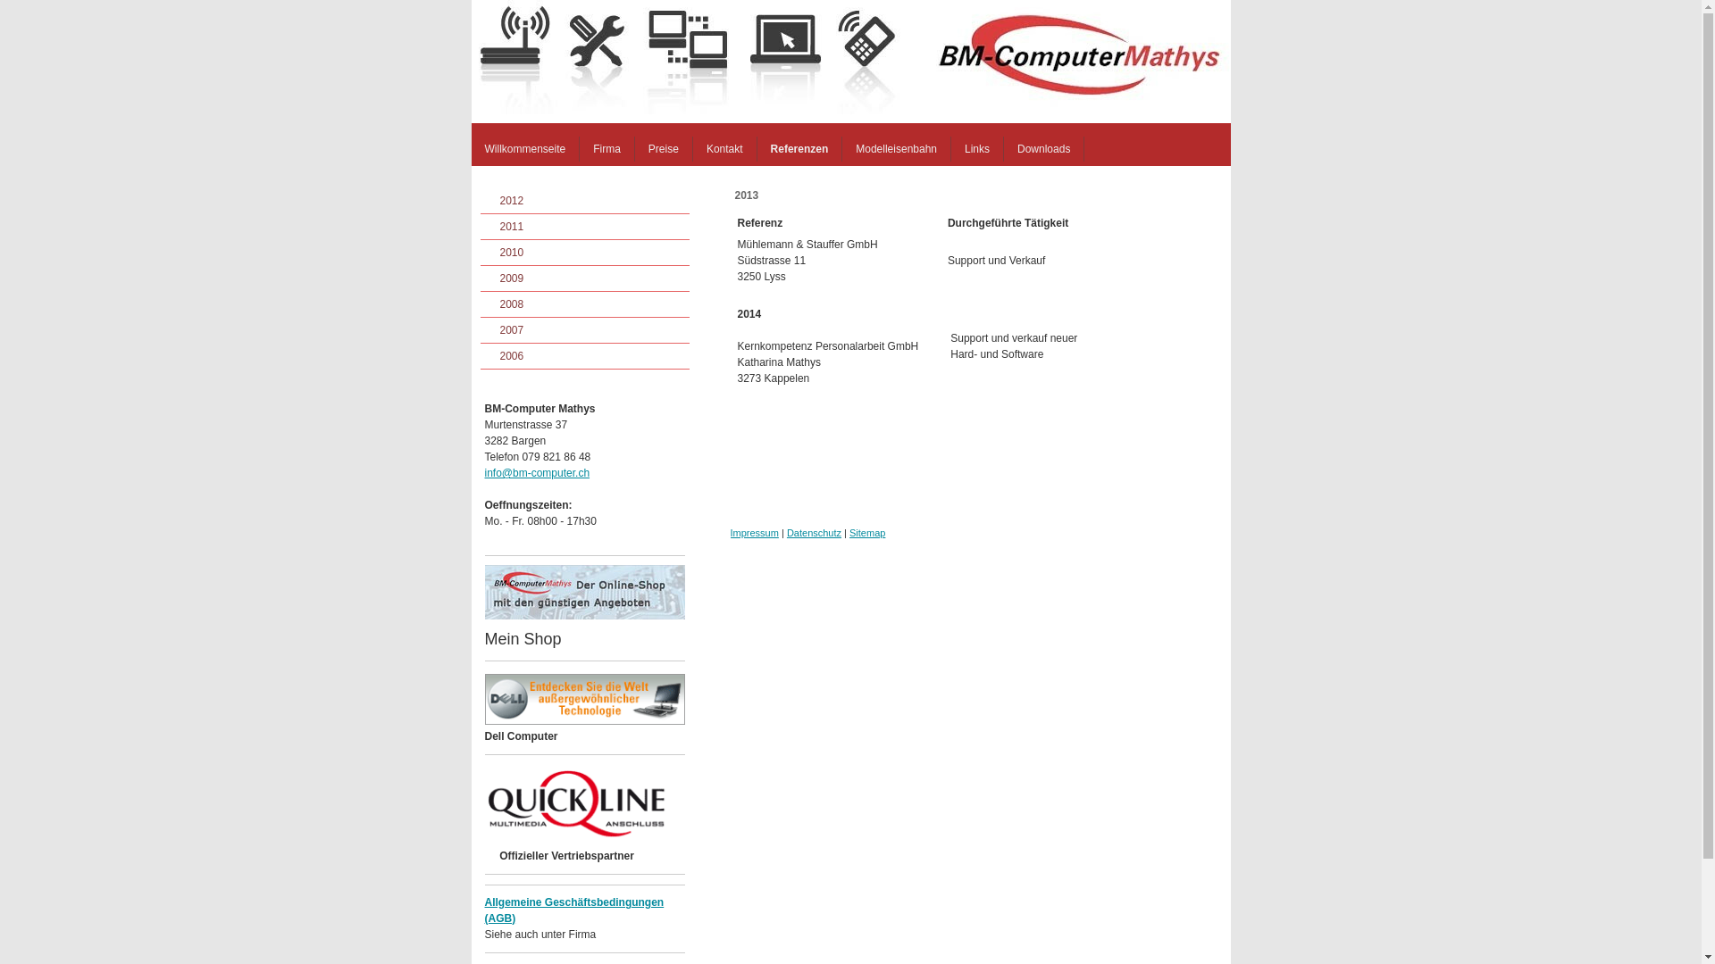  I want to click on '2006', so click(584, 356).